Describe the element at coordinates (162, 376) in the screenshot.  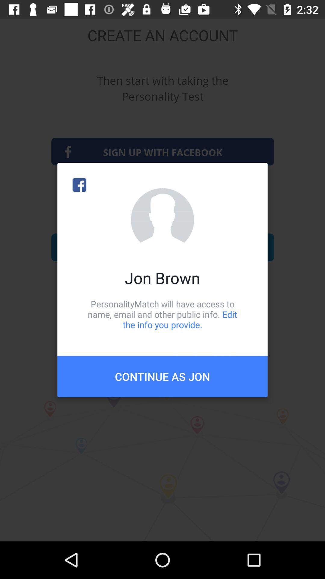
I see `the continue as jon icon` at that location.